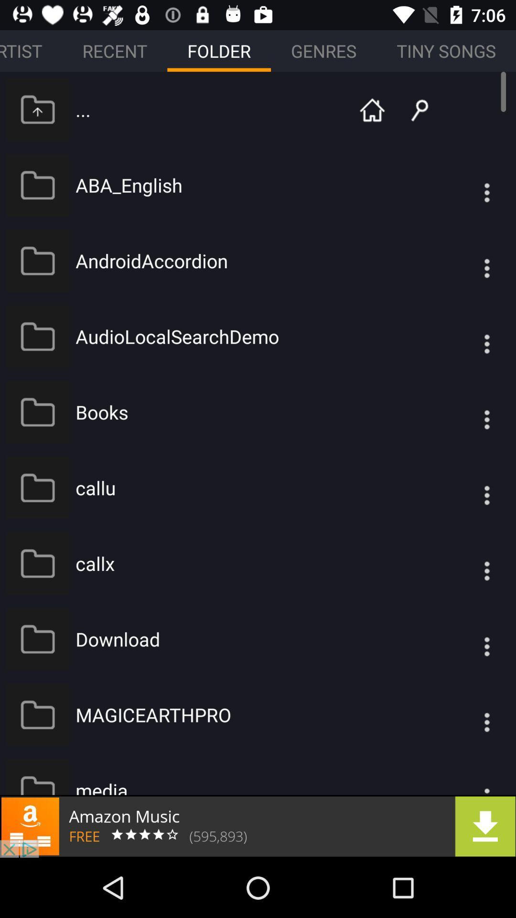 This screenshot has height=918, width=516. Describe the element at coordinates (467, 412) in the screenshot. I see `options` at that location.